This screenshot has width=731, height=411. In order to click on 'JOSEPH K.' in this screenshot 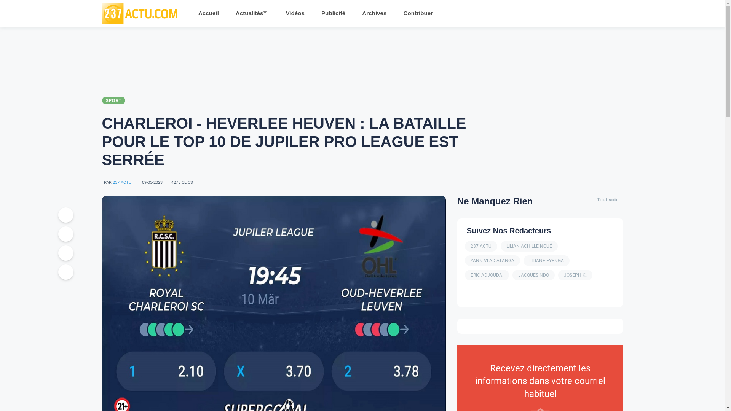, I will do `click(575, 275)`.